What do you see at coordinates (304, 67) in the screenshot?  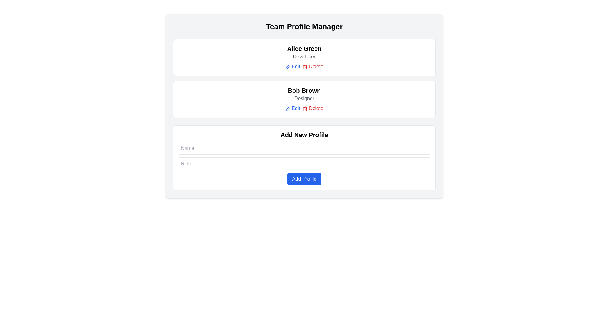 I see `the 'Delete' button in the interactive controls for editing and deleting the profile of 'Alice Green', a Developer` at bounding box center [304, 67].